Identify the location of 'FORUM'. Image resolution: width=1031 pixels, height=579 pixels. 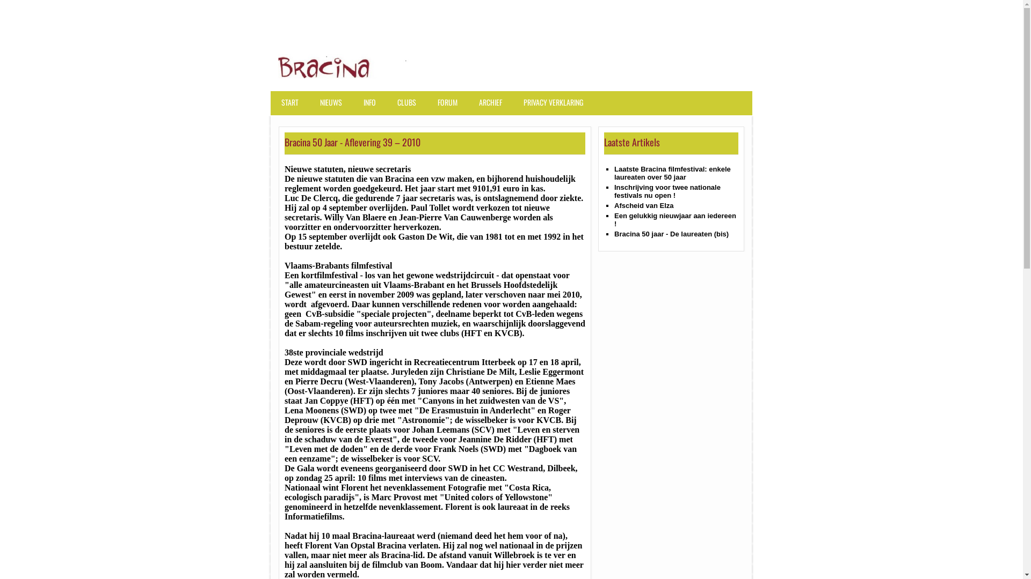
(450, 107).